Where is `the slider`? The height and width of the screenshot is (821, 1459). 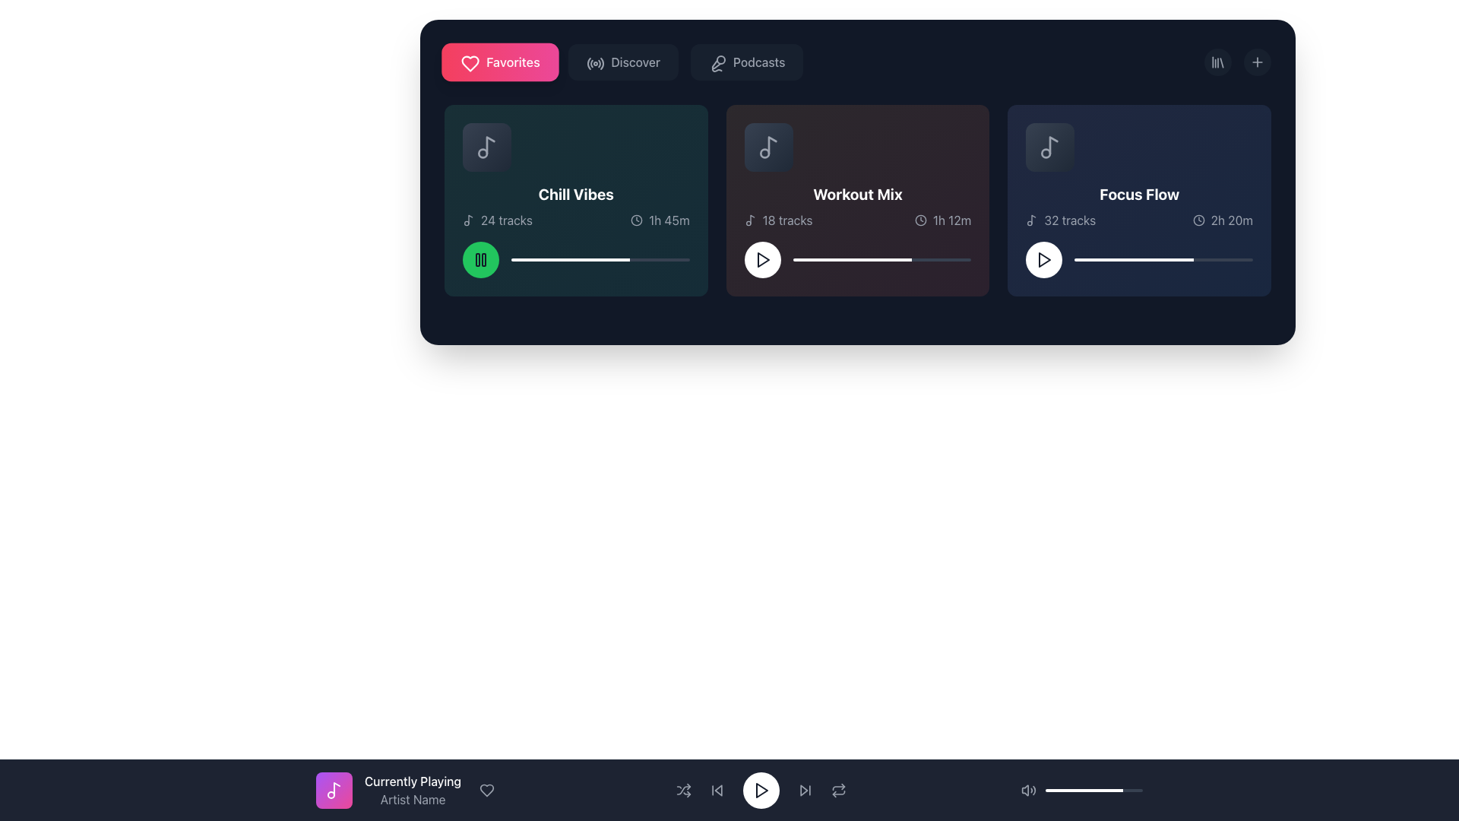
the slider is located at coordinates (954, 259).